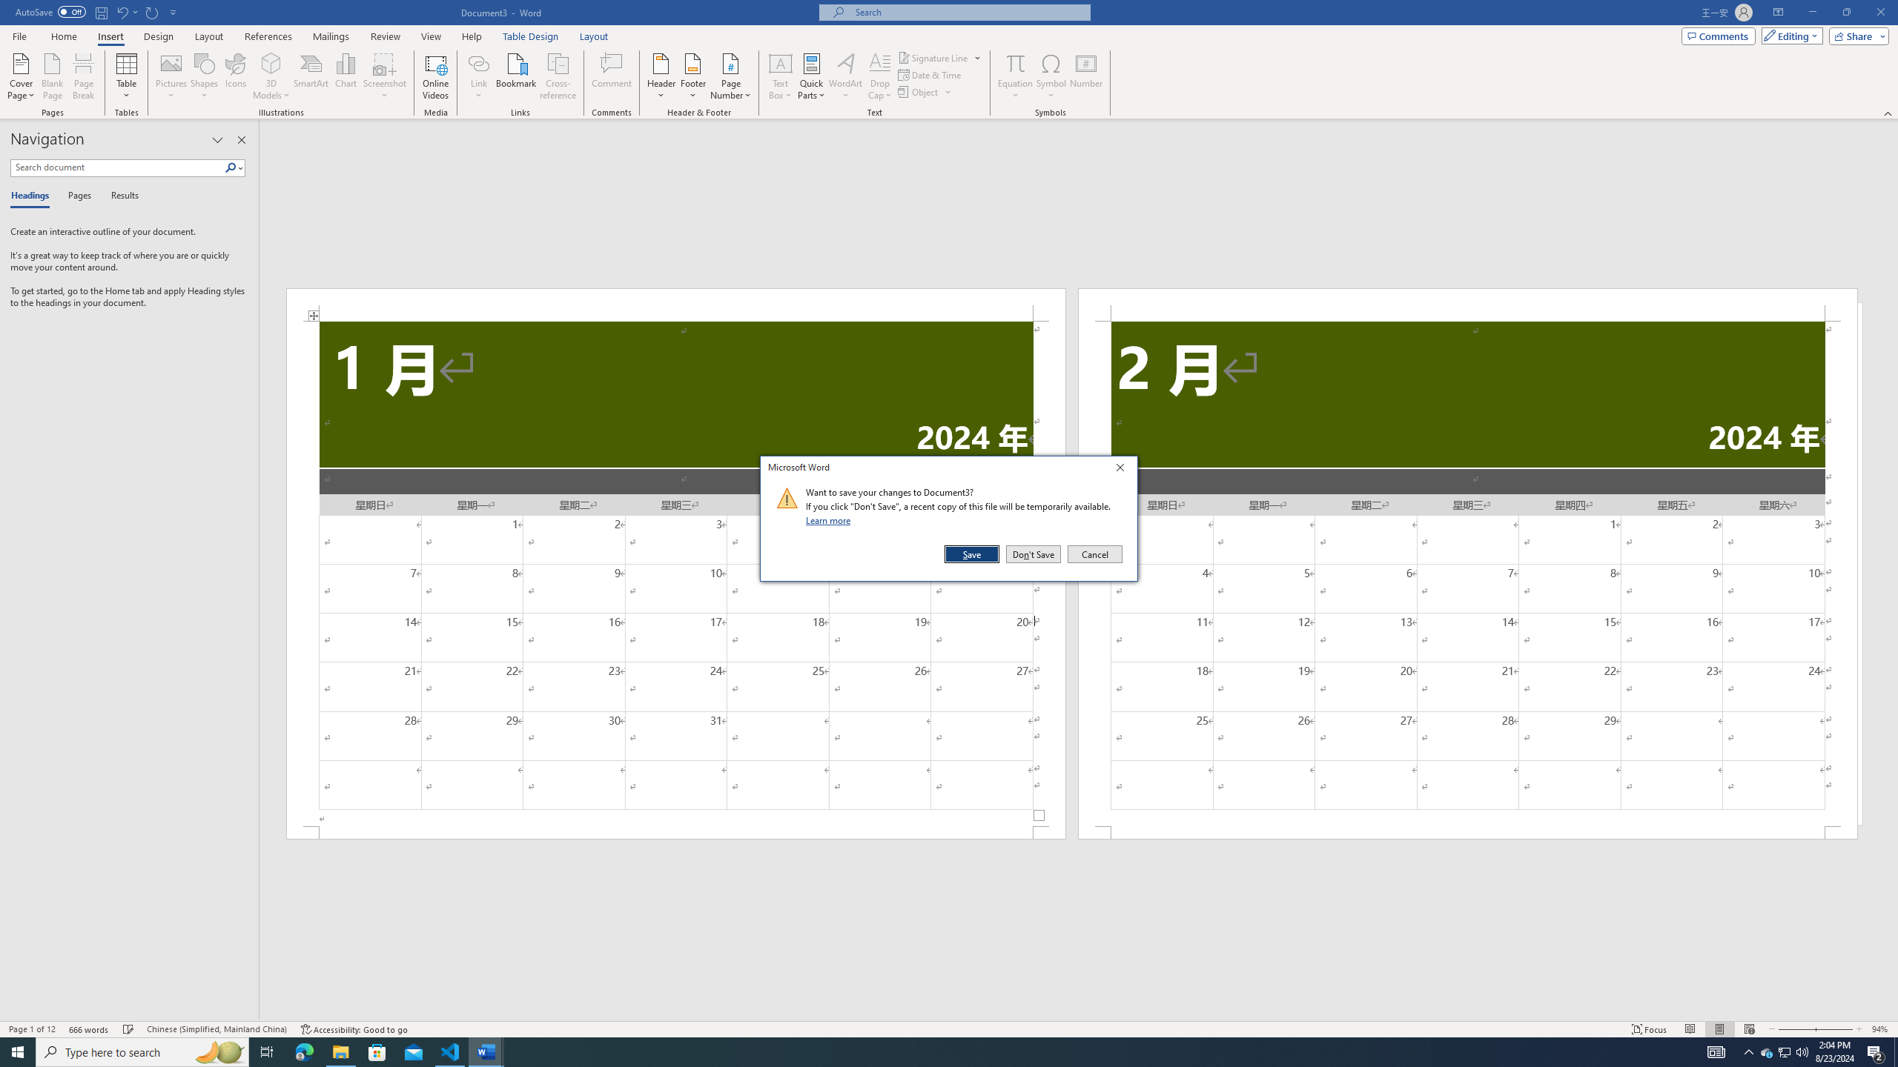  What do you see at coordinates (311, 76) in the screenshot?
I see `'SmartArt...'` at bounding box center [311, 76].